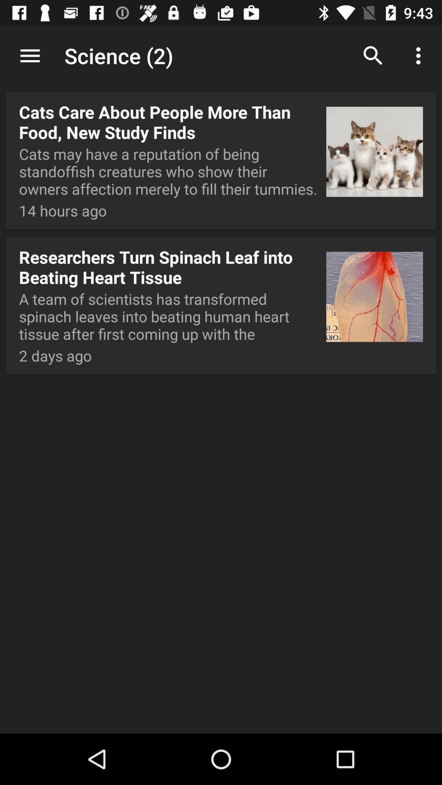  I want to click on the app to the right of the science (2) icon, so click(373, 55).